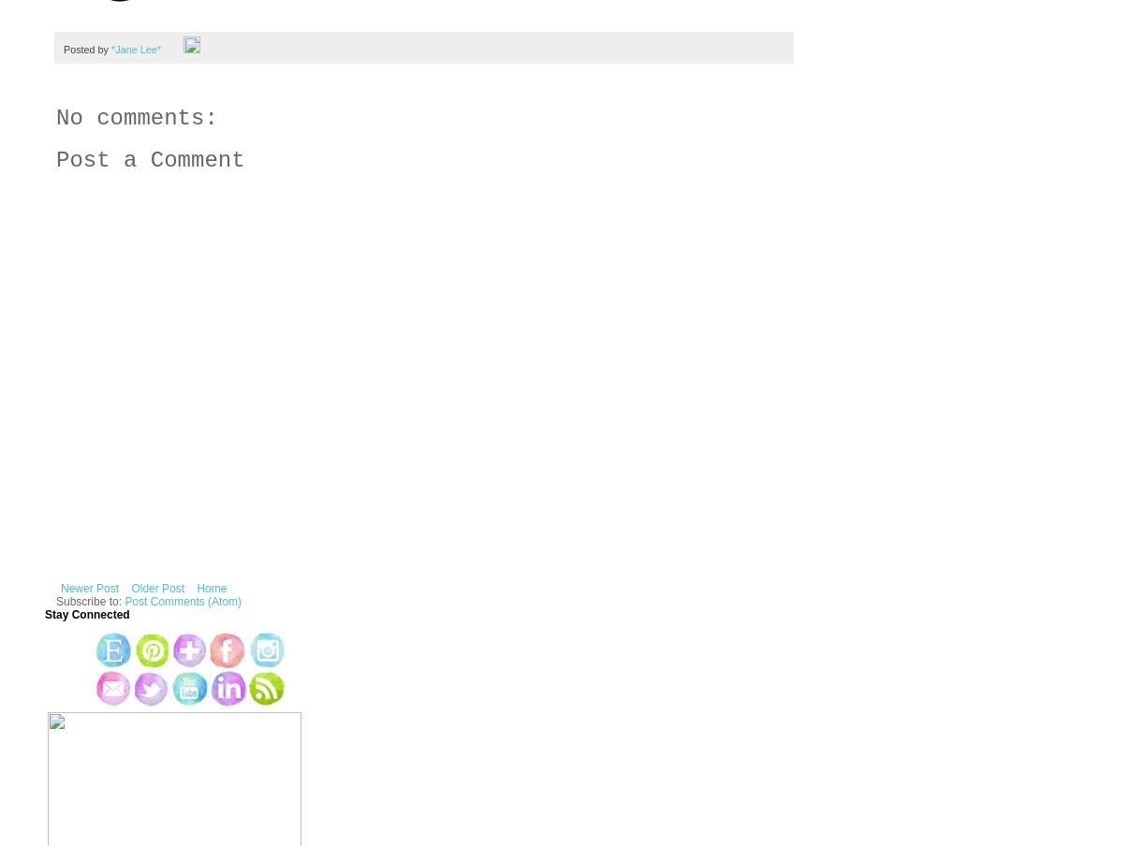 The image size is (1131, 846). What do you see at coordinates (55, 160) in the screenshot?
I see `'Post a Comment'` at bounding box center [55, 160].